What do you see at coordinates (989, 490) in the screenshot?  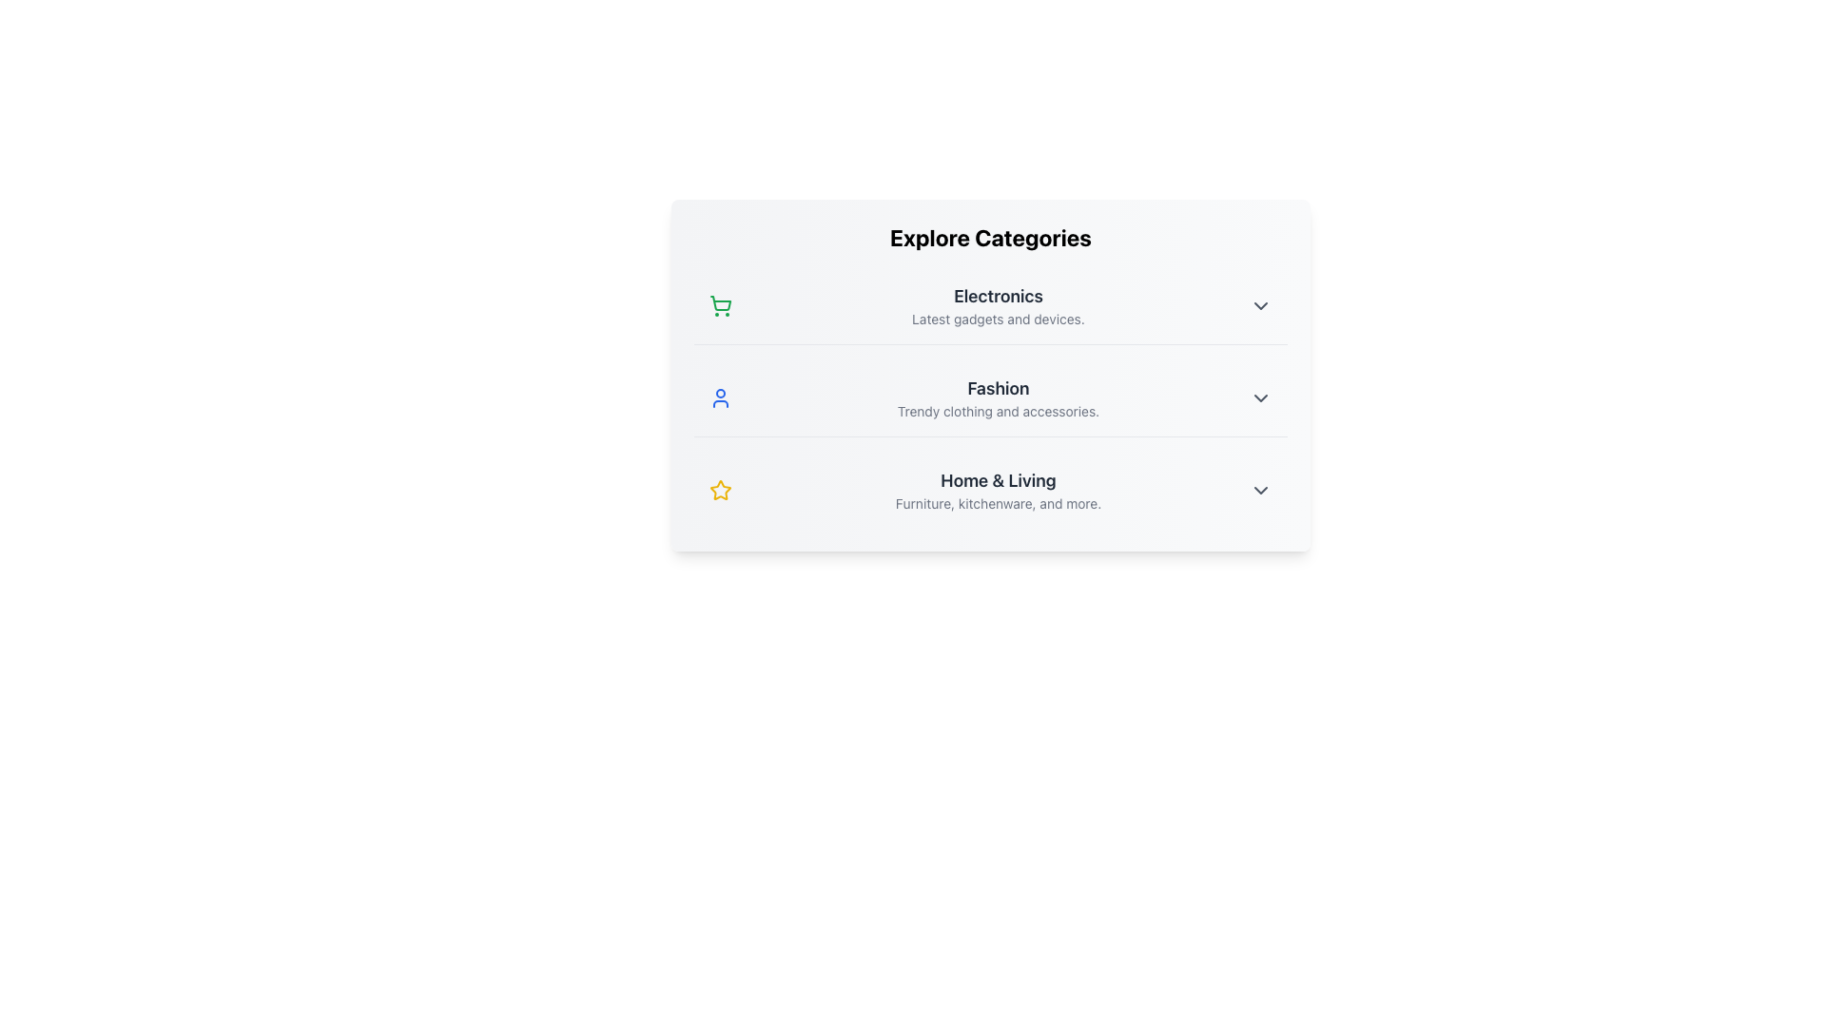 I see `the 'Home & Living' category list item` at bounding box center [989, 490].